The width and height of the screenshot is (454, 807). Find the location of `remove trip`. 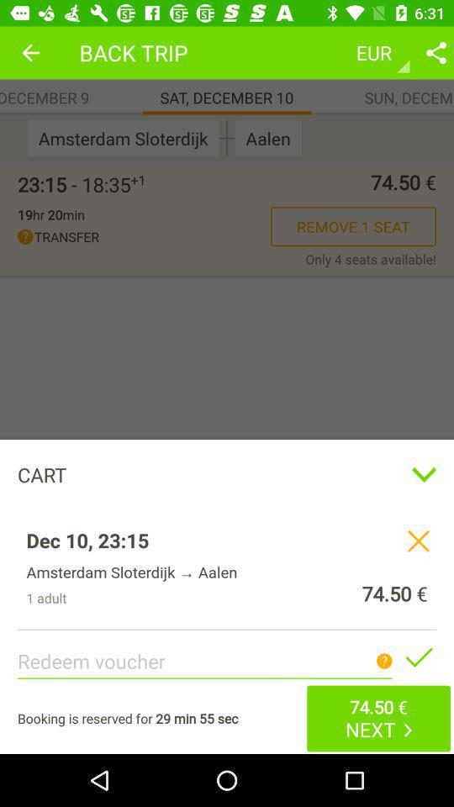

remove trip is located at coordinates (417, 540).